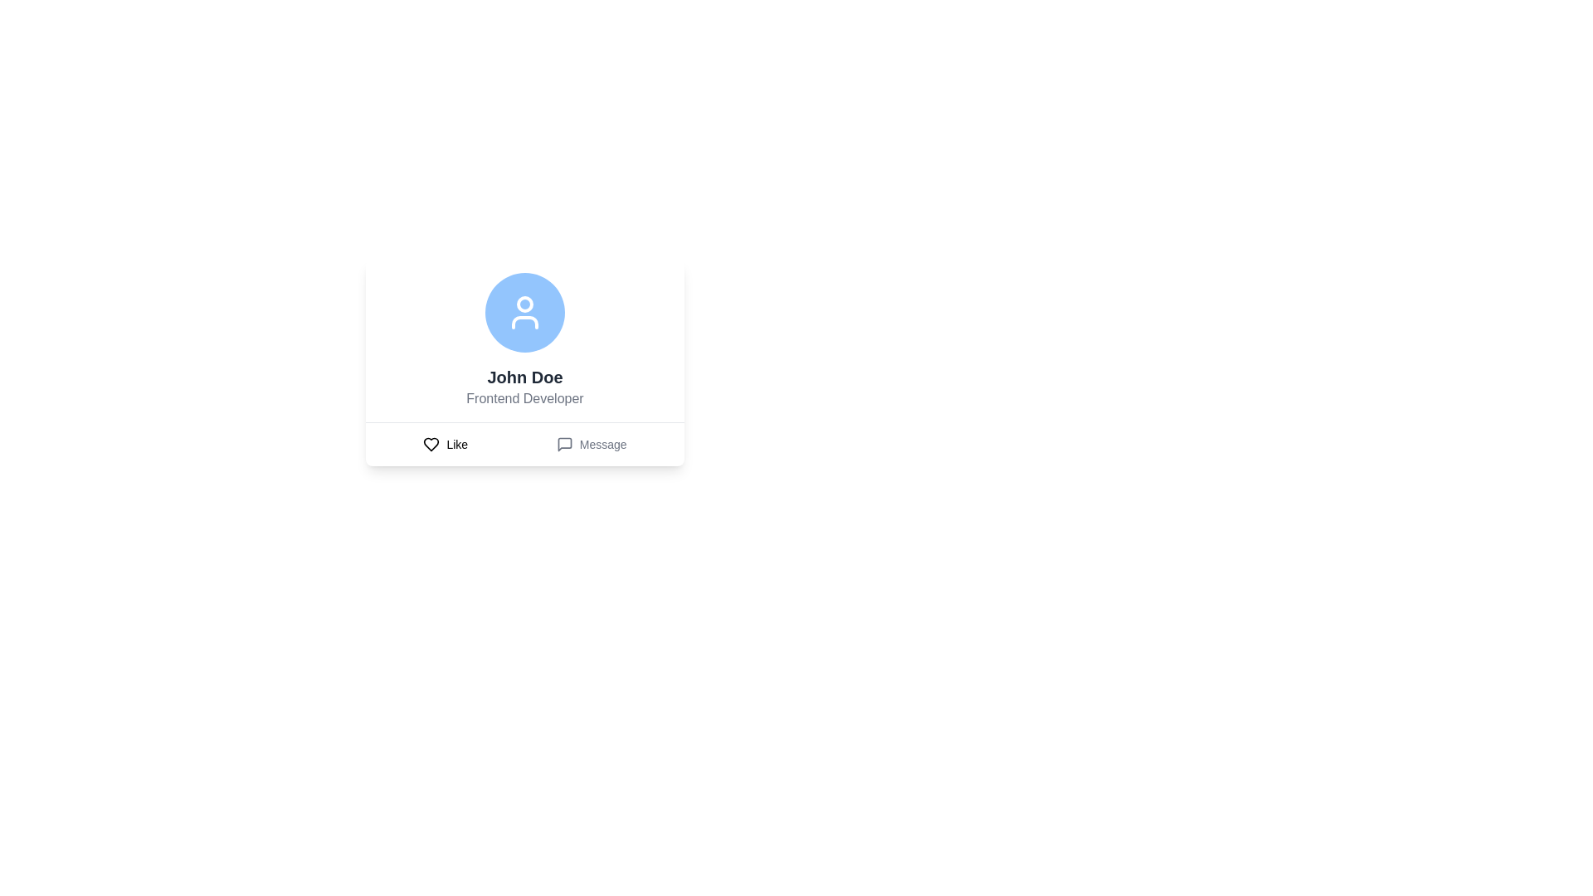 The width and height of the screenshot is (1593, 896). What do you see at coordinates (524, 399) in the screenshot?
I see `the text label displaying 'Frontend Developer' in gray font, which is located centrally within the card layout underneath the 'John Doe' text` at bounding box center [524, 399].